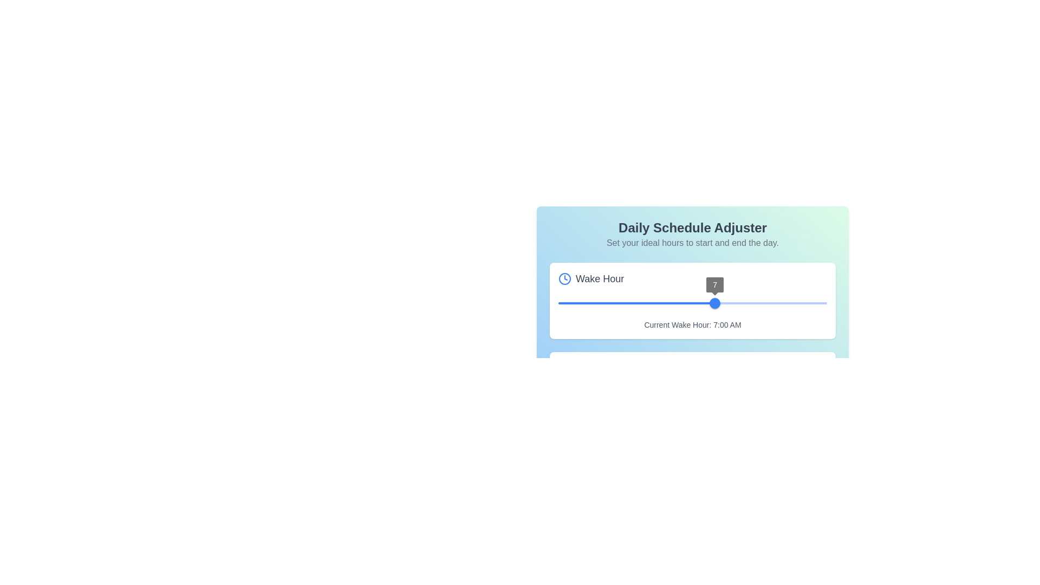 This screenshot has width=1040, height=585. Describe the element at coordinates (692, 324) in the screenshot. I see `the label displaying 'Current Wake Hour: 7:00 AM', which is styled with small, gray text and is located beneath a slider component` at that location.